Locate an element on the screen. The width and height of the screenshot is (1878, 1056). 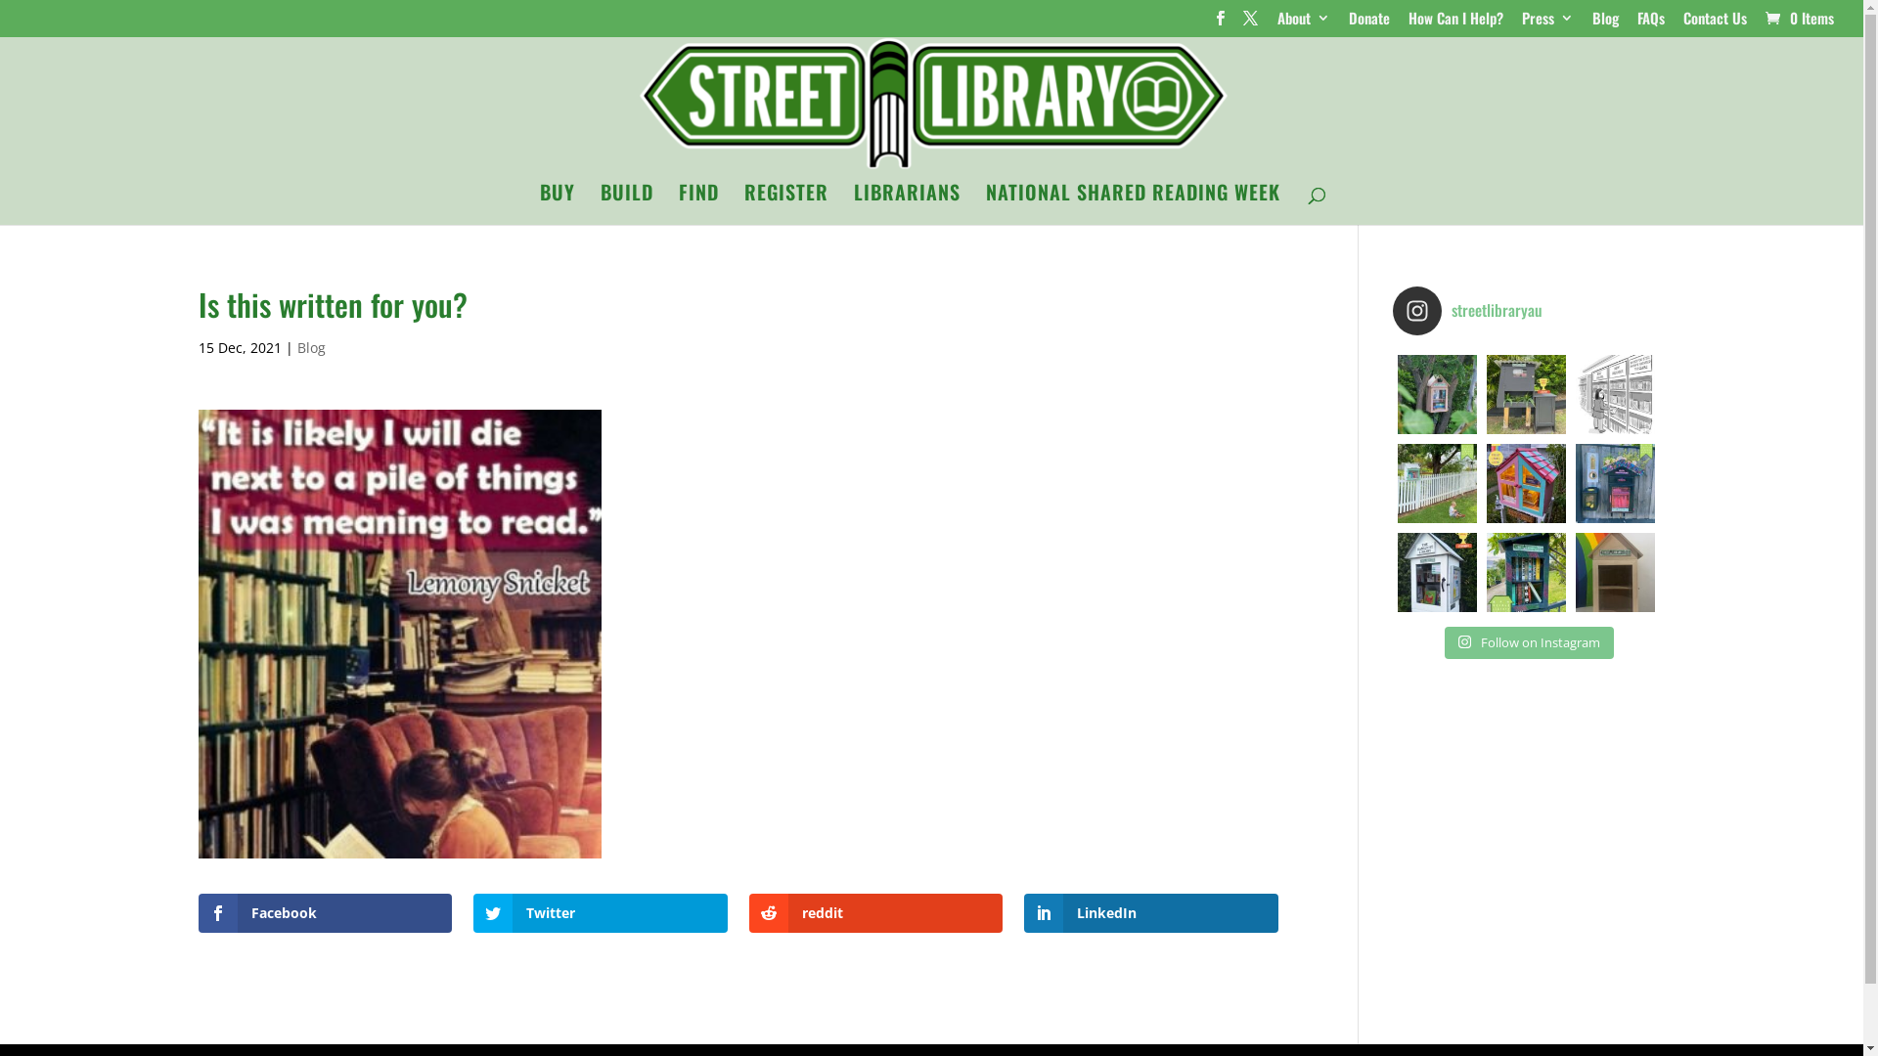
'LinkedIn' is located at coordinates (1022, 912).